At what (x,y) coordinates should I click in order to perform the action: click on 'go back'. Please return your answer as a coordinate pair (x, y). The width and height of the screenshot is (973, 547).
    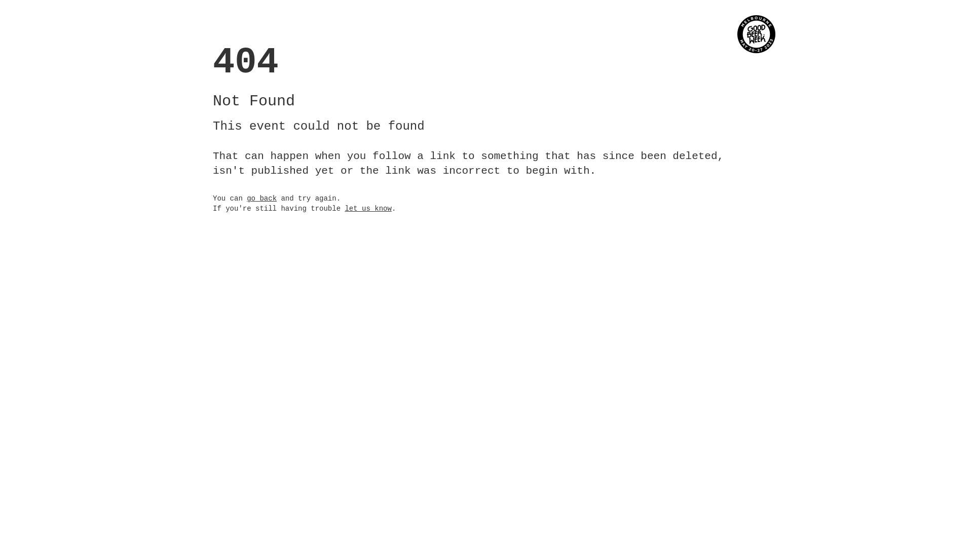
    Looking at the image, I should click on (246, 199).